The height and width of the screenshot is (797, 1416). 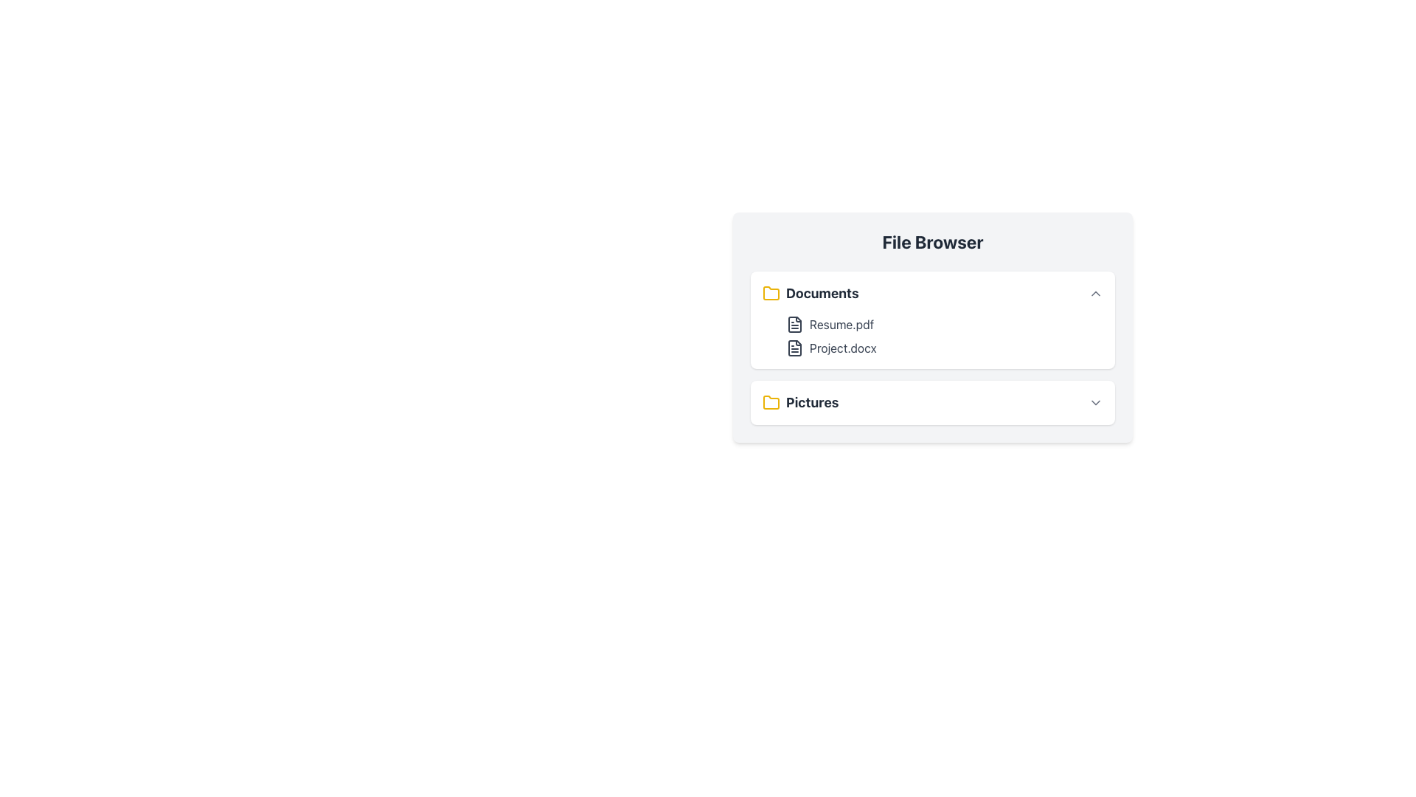 I want to click on on the 'Pictures' folder item, which features a yellow folder icon and bold dark gray text, located in the File Browser list as the second item, so click(x=799, y=403).